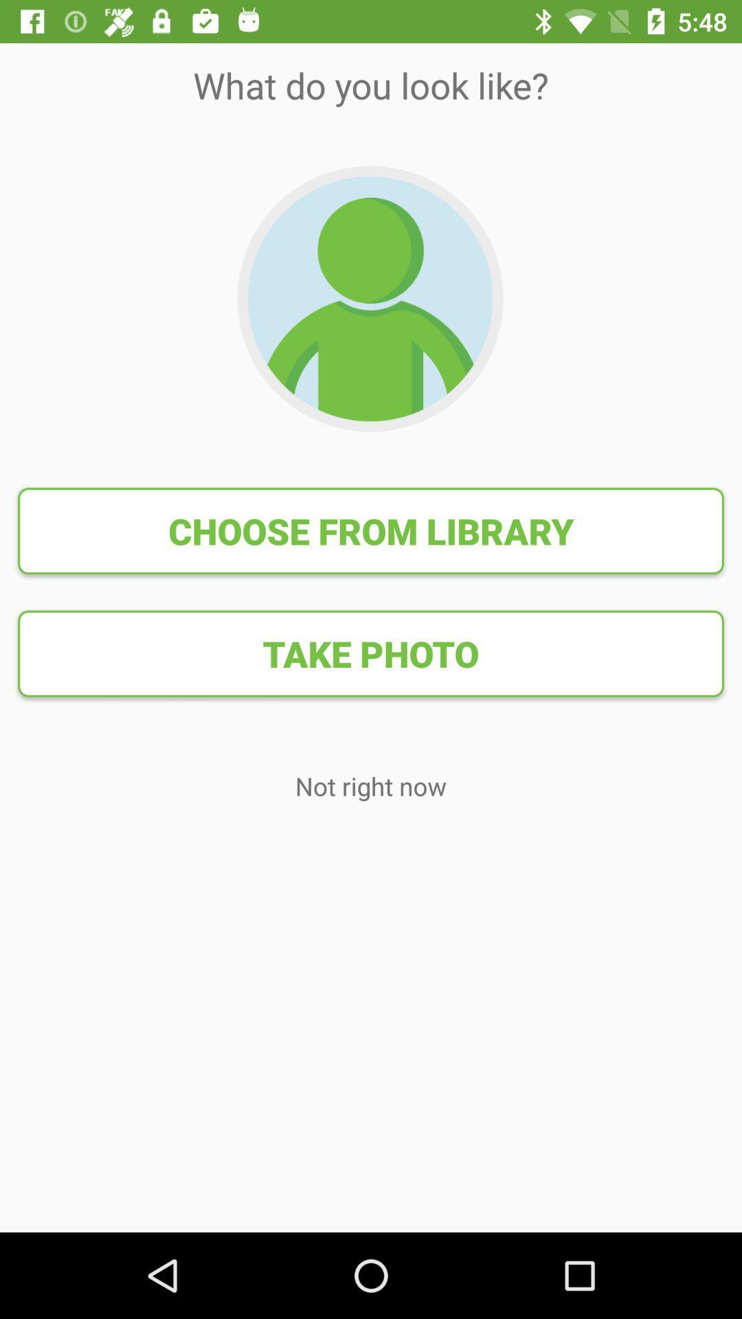 The width and height of the screenshot is (742, 1319). I want to click on item below choose from library icon, so click(371, 653).